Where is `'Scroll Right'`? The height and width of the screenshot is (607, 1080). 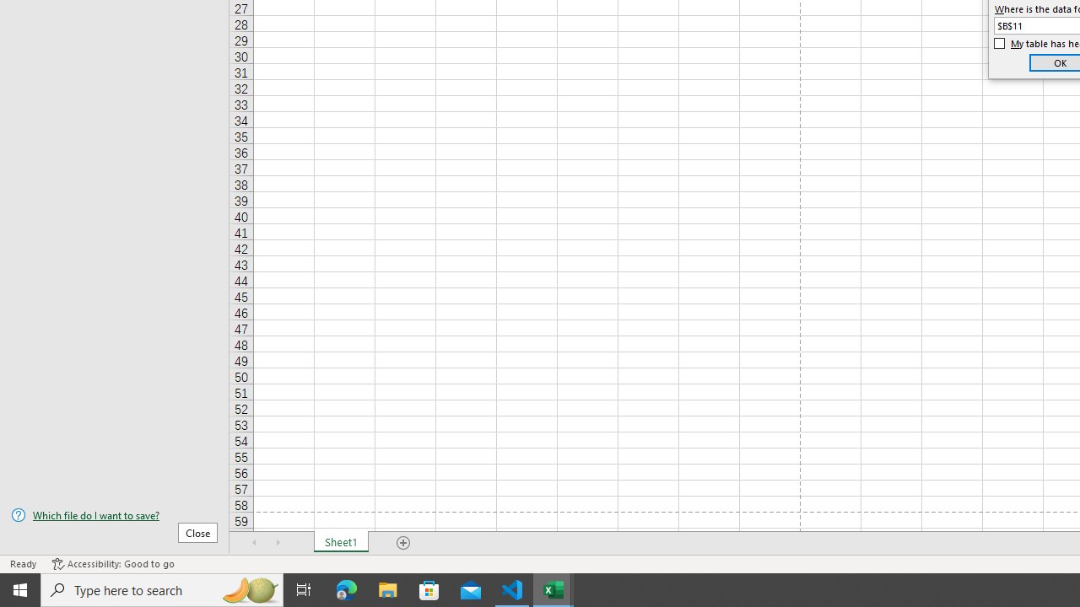
'Scroll Right' is located at coordinates (278, 543).